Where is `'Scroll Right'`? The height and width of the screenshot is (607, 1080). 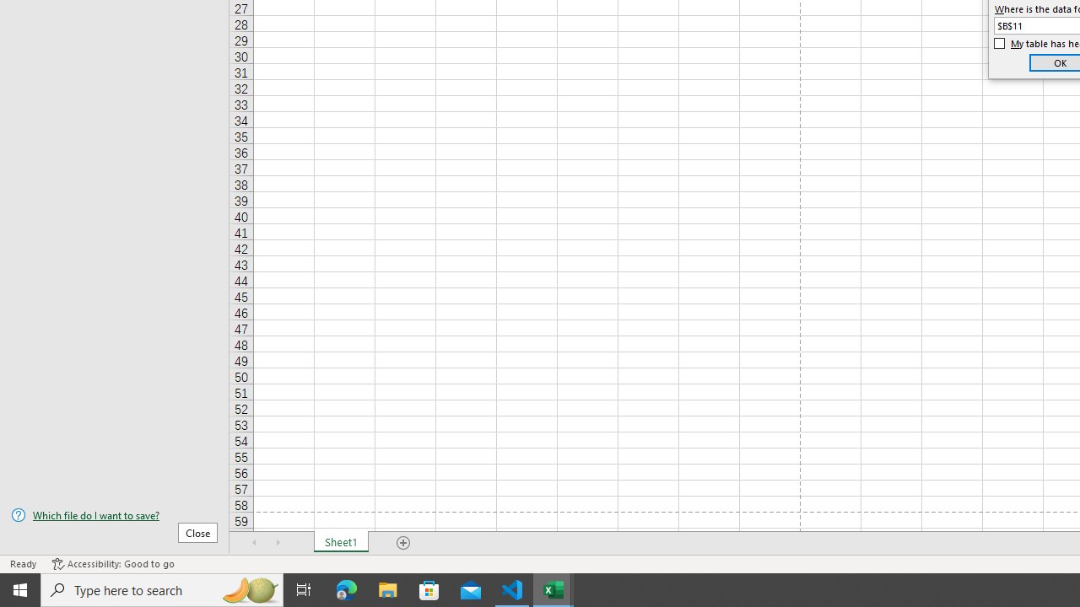
'Scroll Right' is located at coordinates (278, 543).